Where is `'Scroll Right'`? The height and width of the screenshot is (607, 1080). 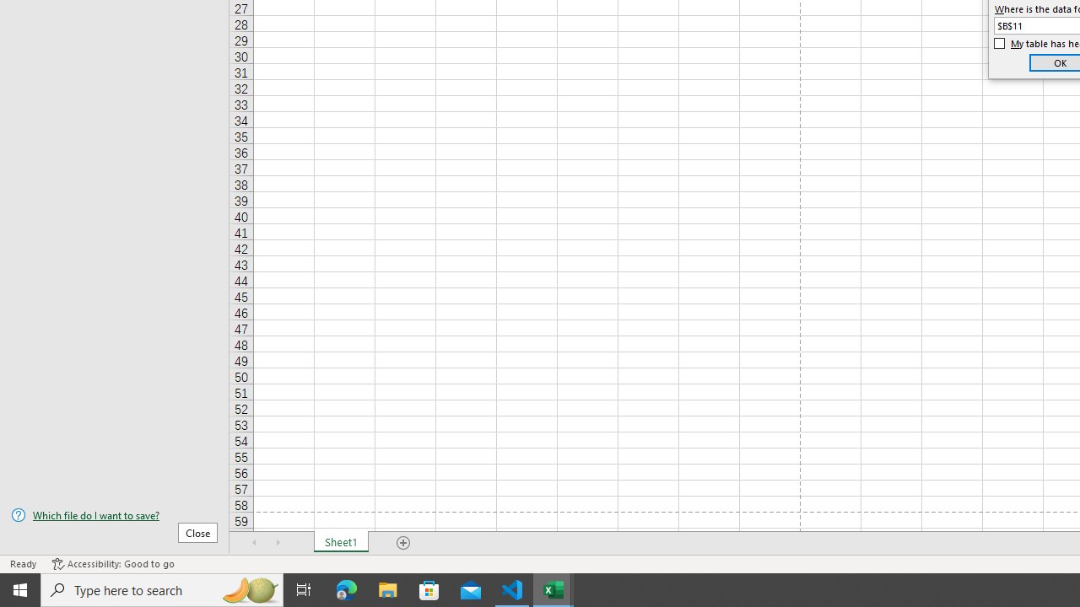
'Scroll Right' is located at coordinates (278, 543).